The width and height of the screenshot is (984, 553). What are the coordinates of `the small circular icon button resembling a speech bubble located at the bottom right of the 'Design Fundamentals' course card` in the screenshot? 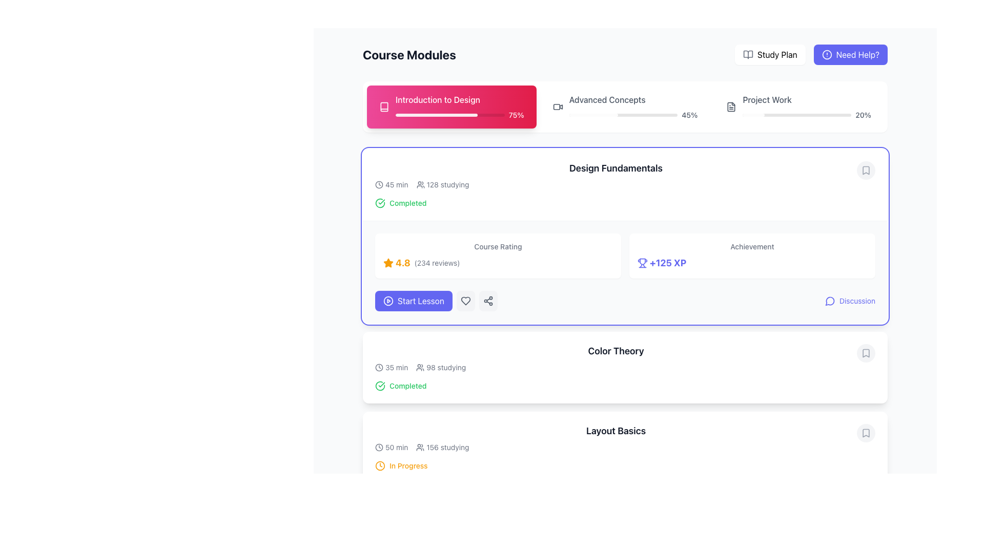 It's located at (830, 301).